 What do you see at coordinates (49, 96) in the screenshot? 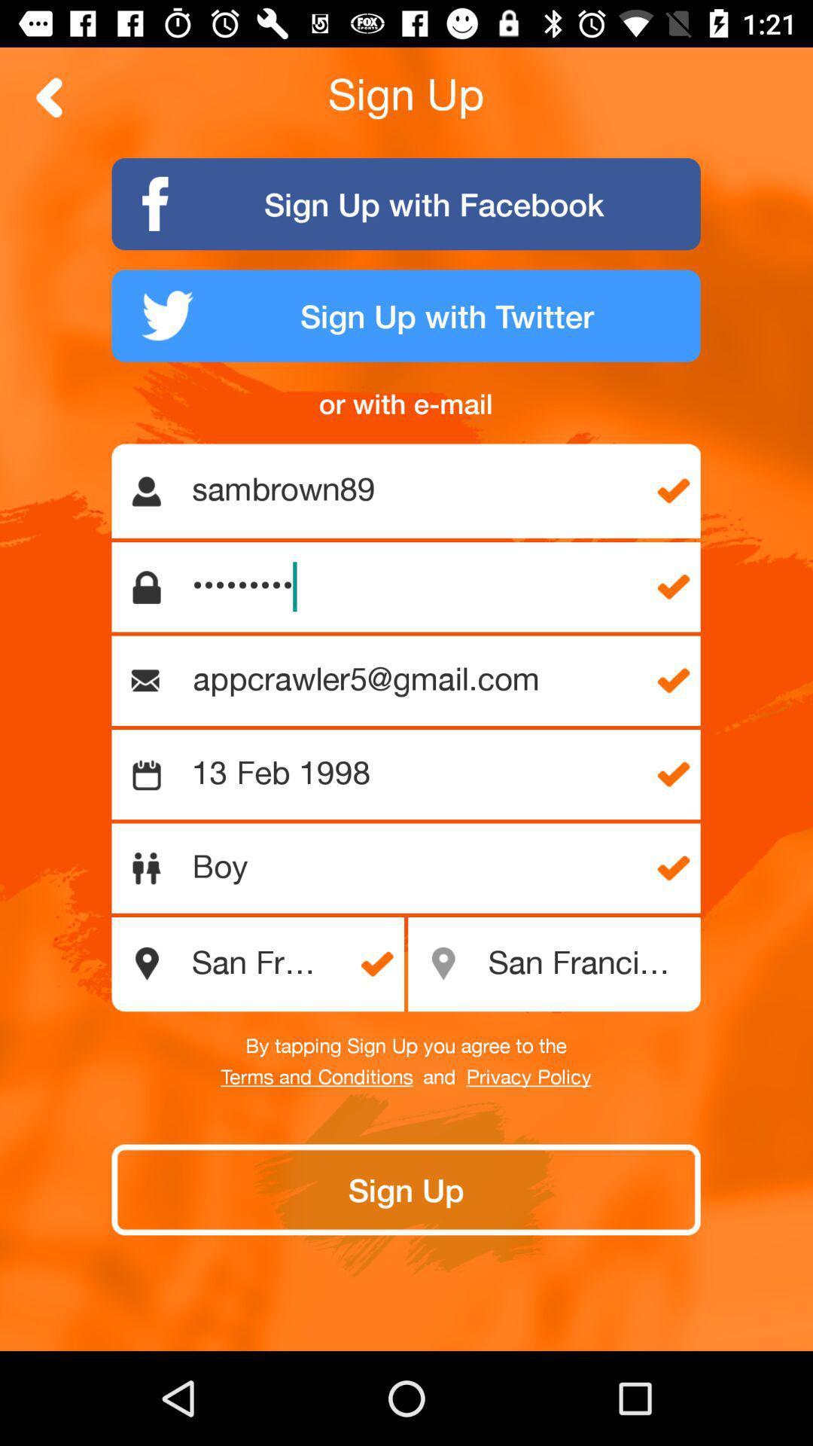
I see `for ward` at bounding box center [49, 96].